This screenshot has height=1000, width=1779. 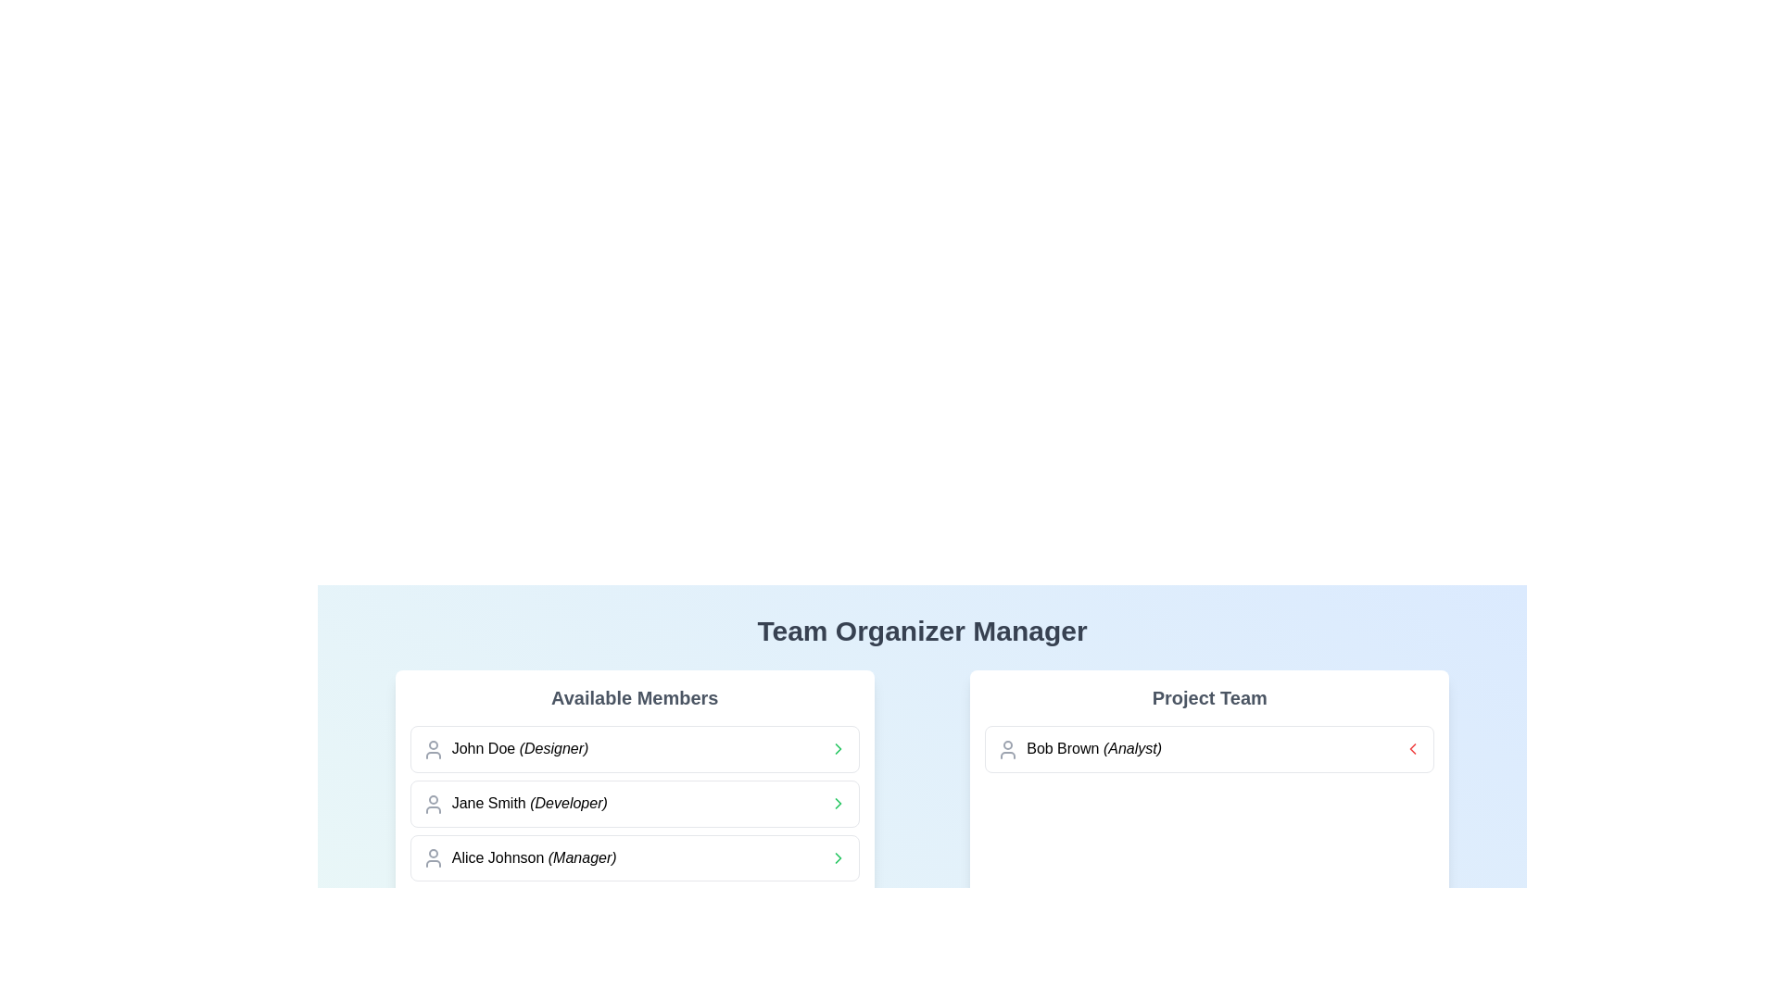 What do you see at coordinates (1063, 747) in the screenshot?
I see `the text label 'Bob Brown' located in the 'Project Team' section, styled in bold black font, positioned horizontally between a user icon and the text '(Analyst)'` at bounding box center [1063, 747].